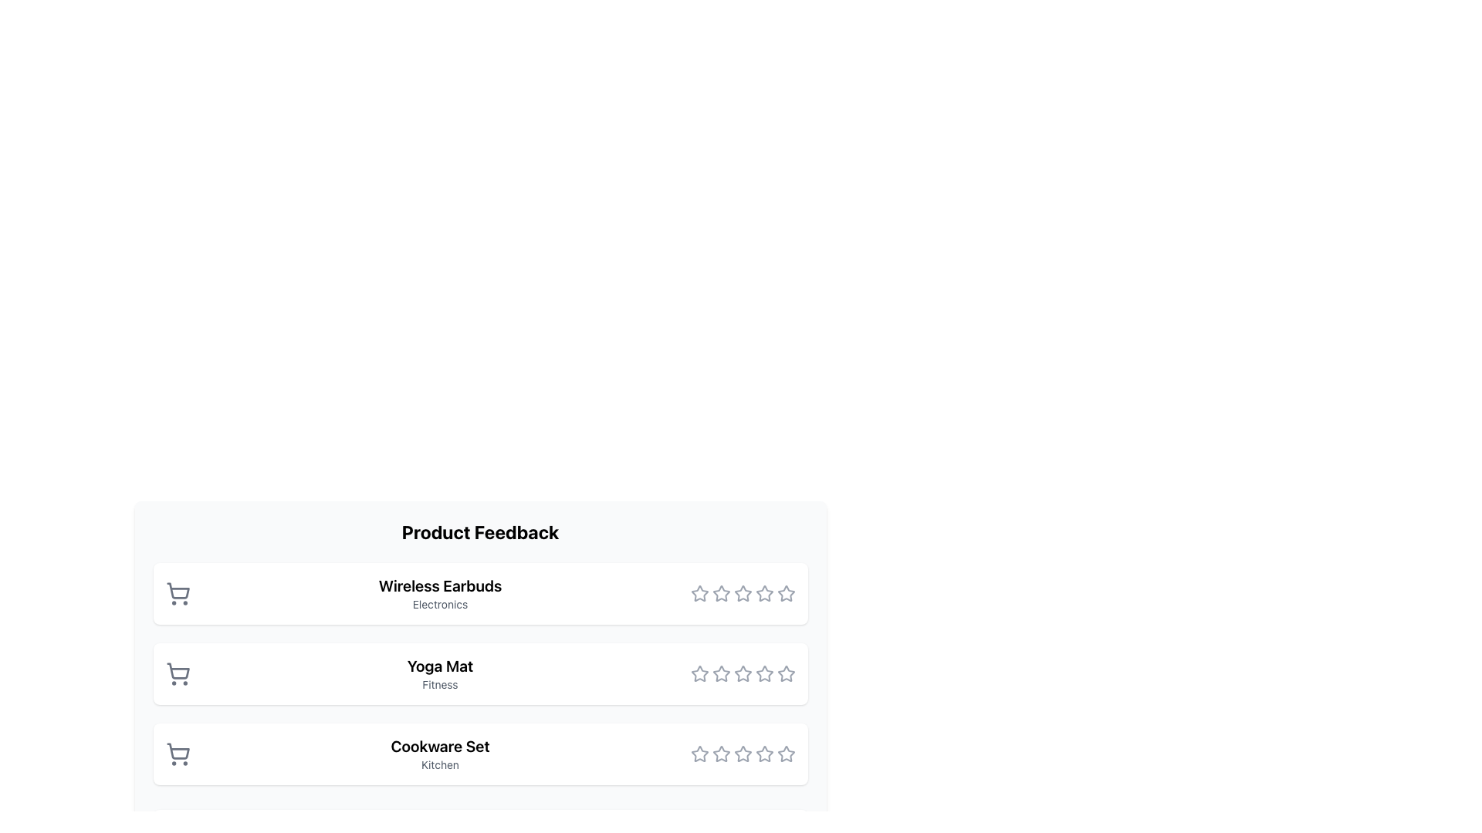  I want to click on the first interactive rating star icon, so click(699, 673).